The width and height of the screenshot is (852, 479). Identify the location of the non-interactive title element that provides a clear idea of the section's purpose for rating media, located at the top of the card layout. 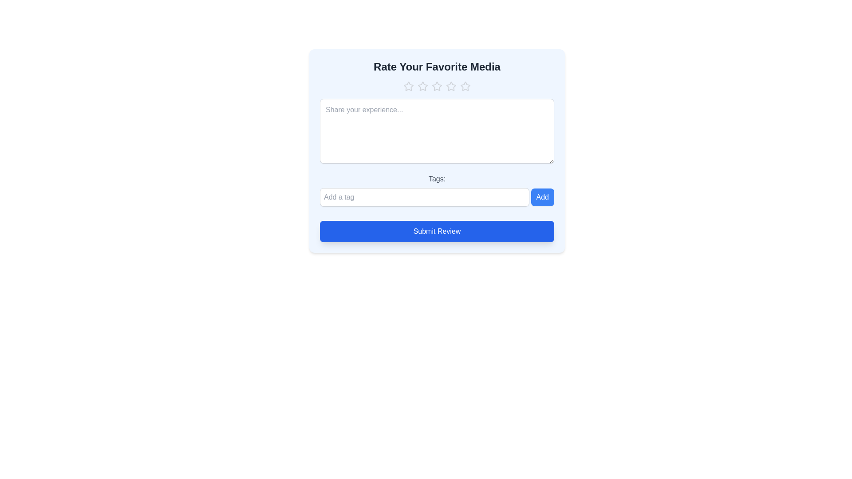
(437, 66).